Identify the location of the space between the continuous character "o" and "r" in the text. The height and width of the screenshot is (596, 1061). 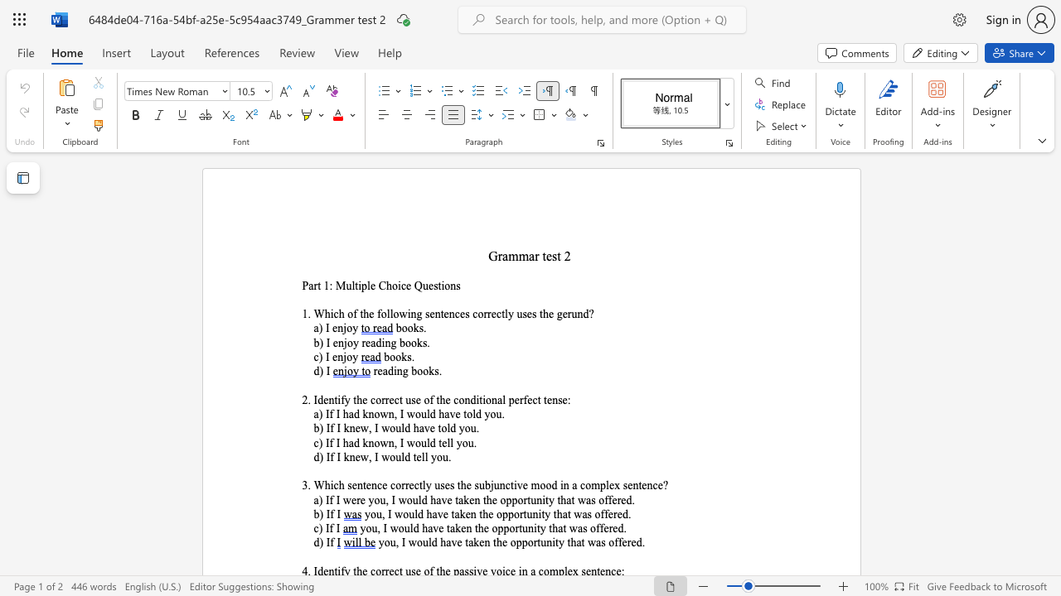
(380, 400).